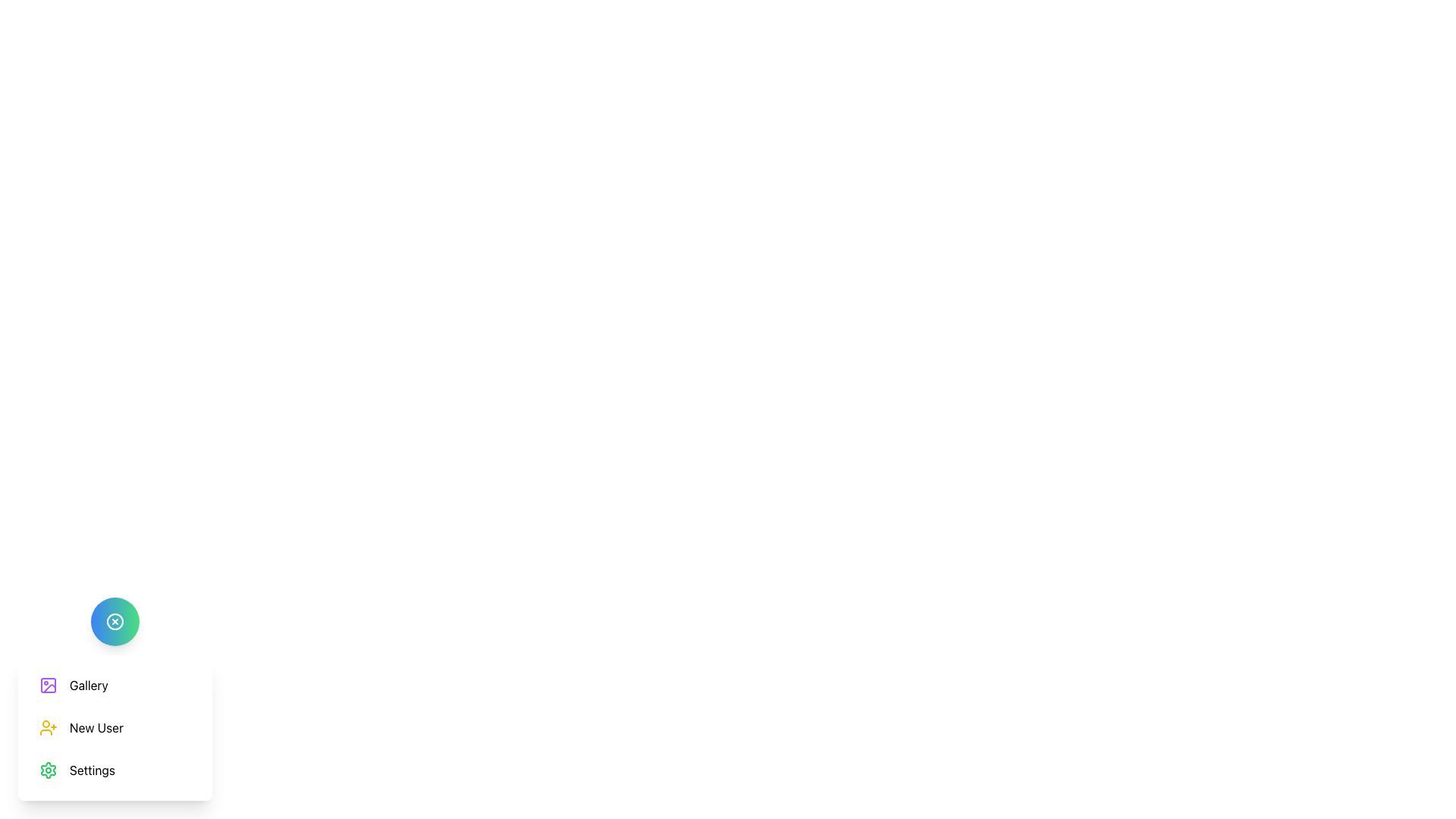 This screenshot has height=819, width=1456. Describe the element at coordinates (115, 622) in the screenshot. I see `the circular SVG icon featuring a gradient background and a red 'X' symbol, which serves as a cancel or close button, located above the menu items` at that location.